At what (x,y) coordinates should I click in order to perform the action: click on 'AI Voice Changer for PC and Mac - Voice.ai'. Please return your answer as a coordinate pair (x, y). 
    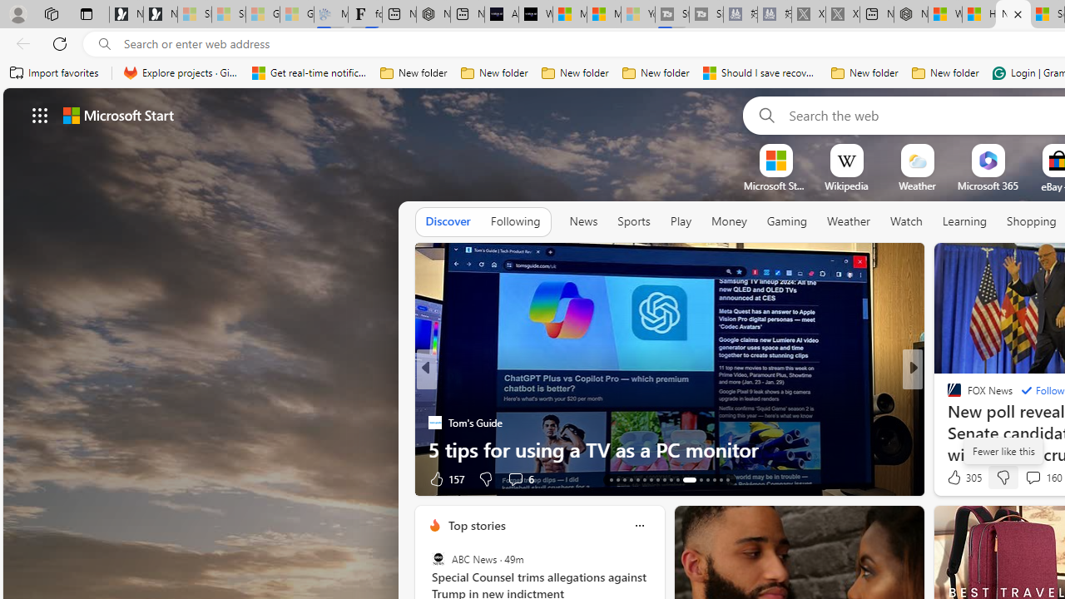
    Looking at the image, I should click on (500, 14).